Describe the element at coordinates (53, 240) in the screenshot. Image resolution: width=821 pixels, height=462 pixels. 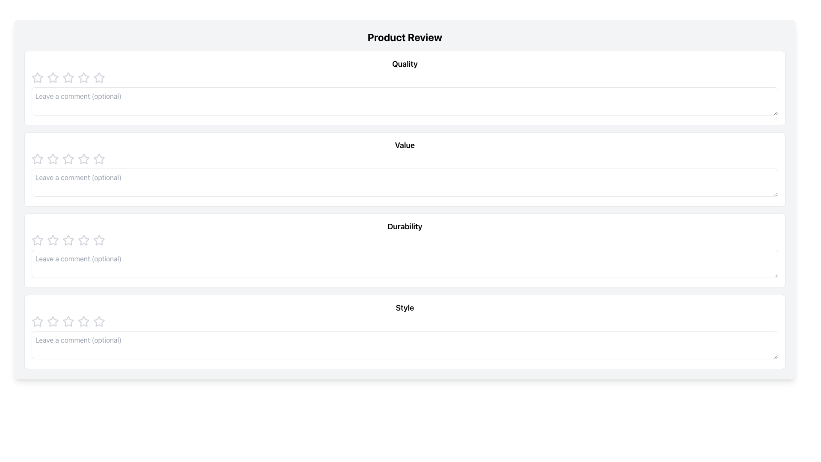
I see `the first star icon in the 'Durability' rating section` at that location.